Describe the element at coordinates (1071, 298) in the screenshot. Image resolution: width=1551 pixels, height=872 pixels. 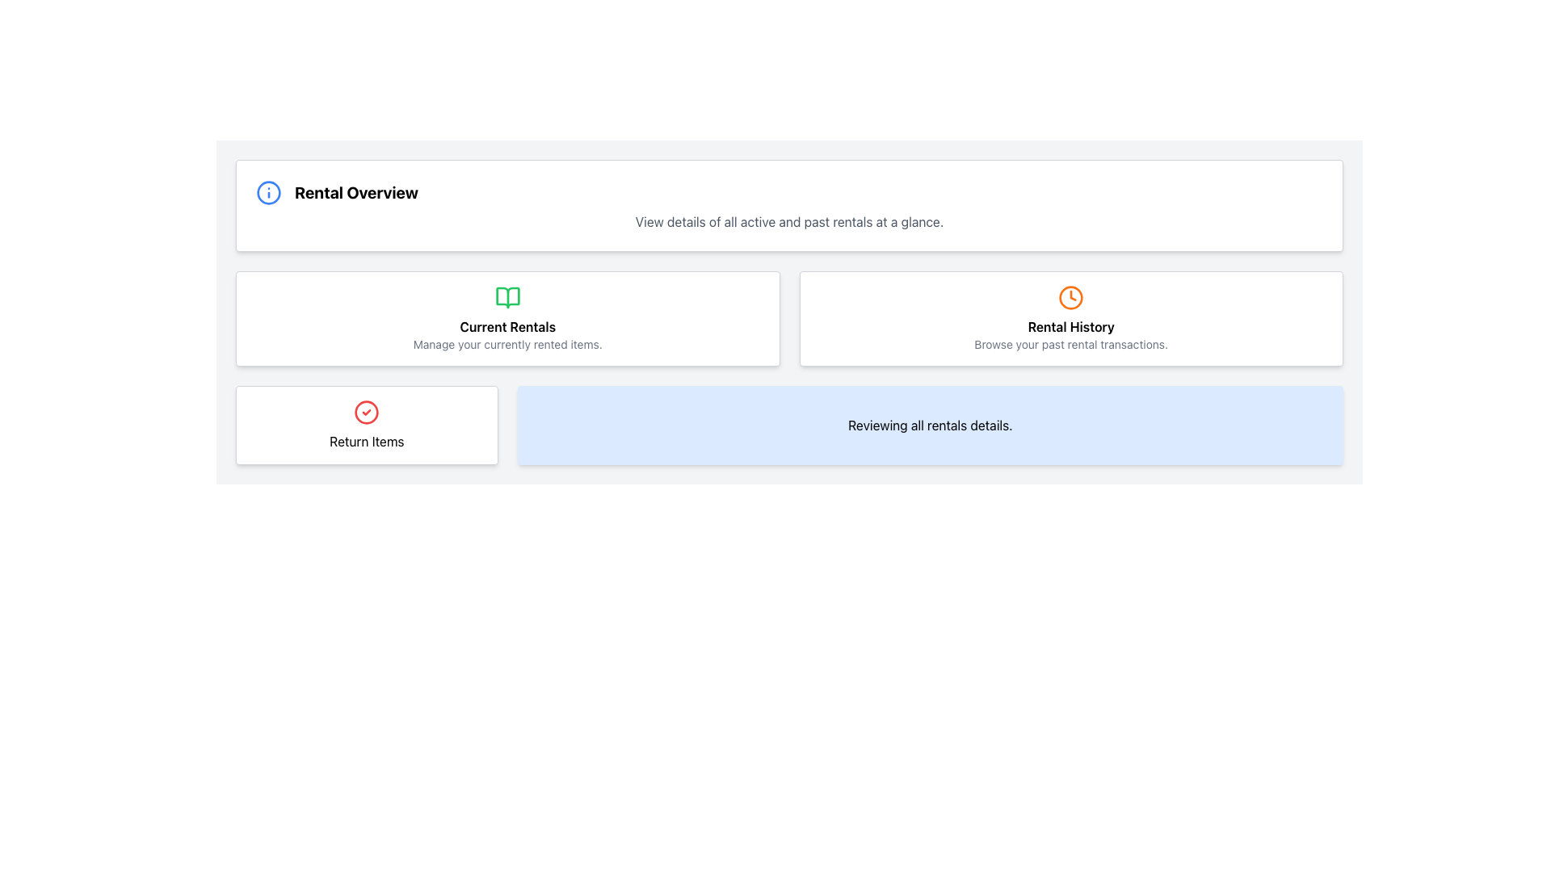
I see `the left circular sub-component of the clock icon in the 'Rental History' section of the user interface` at that location.